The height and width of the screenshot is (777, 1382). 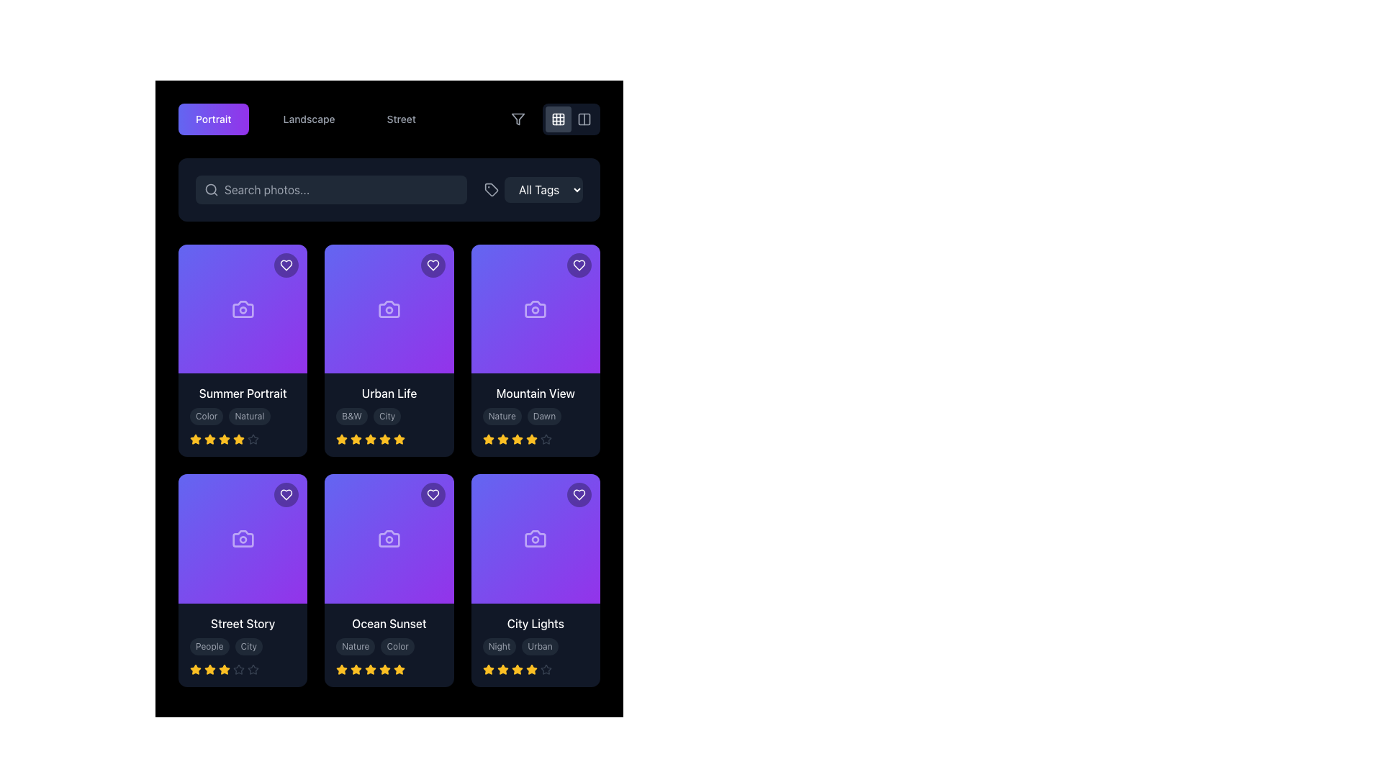 I want to click on the horizontal button group containing the category-selection buttons labeled 'Portrait', 'Landscape', and 'Street', so click(x=305, y=118).